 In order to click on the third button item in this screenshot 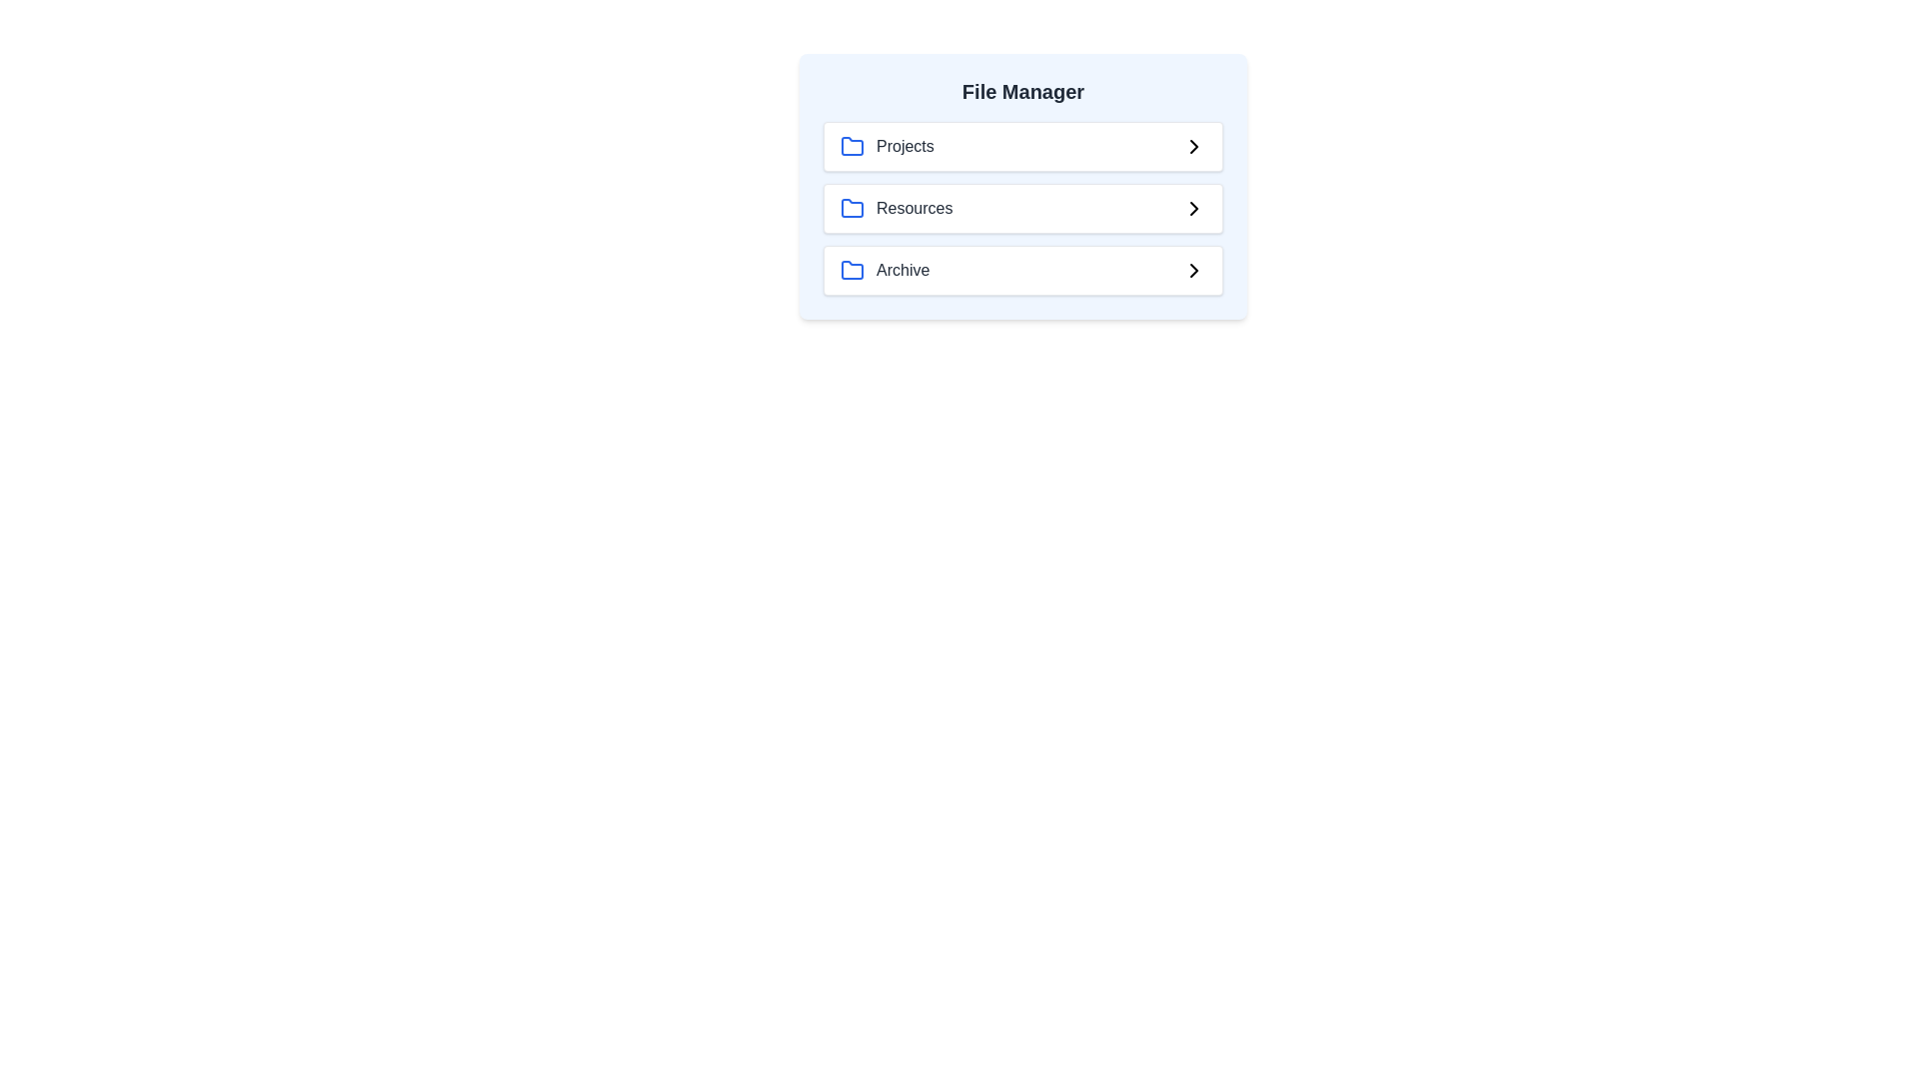, I will do `click(1022, 270)`.